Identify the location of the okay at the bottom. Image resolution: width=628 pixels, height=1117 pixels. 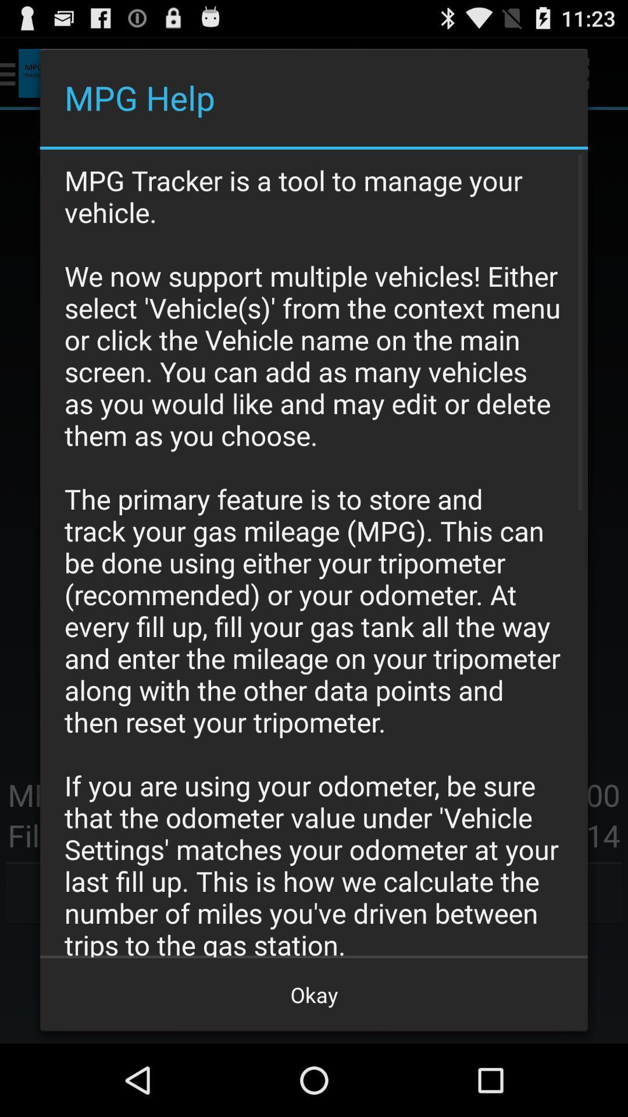
(314, 994).